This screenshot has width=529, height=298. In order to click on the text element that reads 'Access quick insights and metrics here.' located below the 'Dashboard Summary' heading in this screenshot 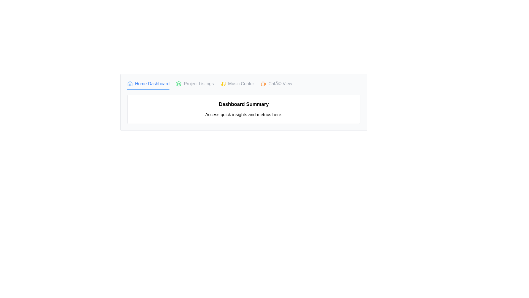, I will do `click(243, 115)`.